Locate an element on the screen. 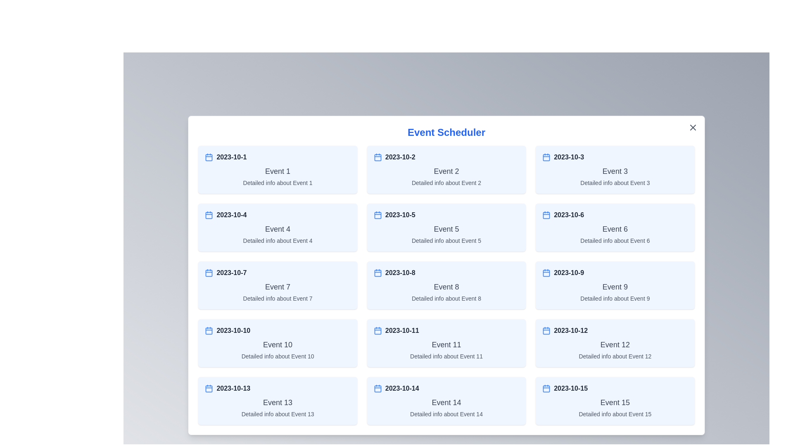 Image resolution: width=793 pixels, height=446 pixels. the close button to close the dialog is located at coordinates (693, 127).